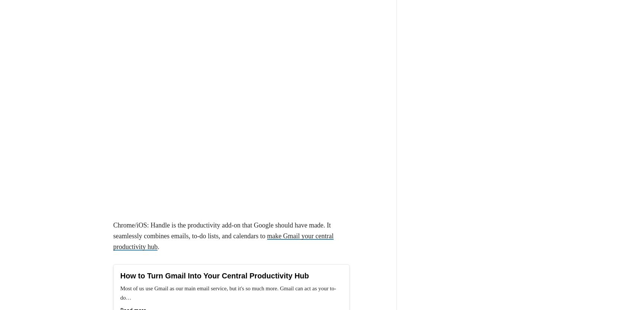 The height and width of the screenshot is (310, 629). I want to click on 'Read more', so click(133, 172).